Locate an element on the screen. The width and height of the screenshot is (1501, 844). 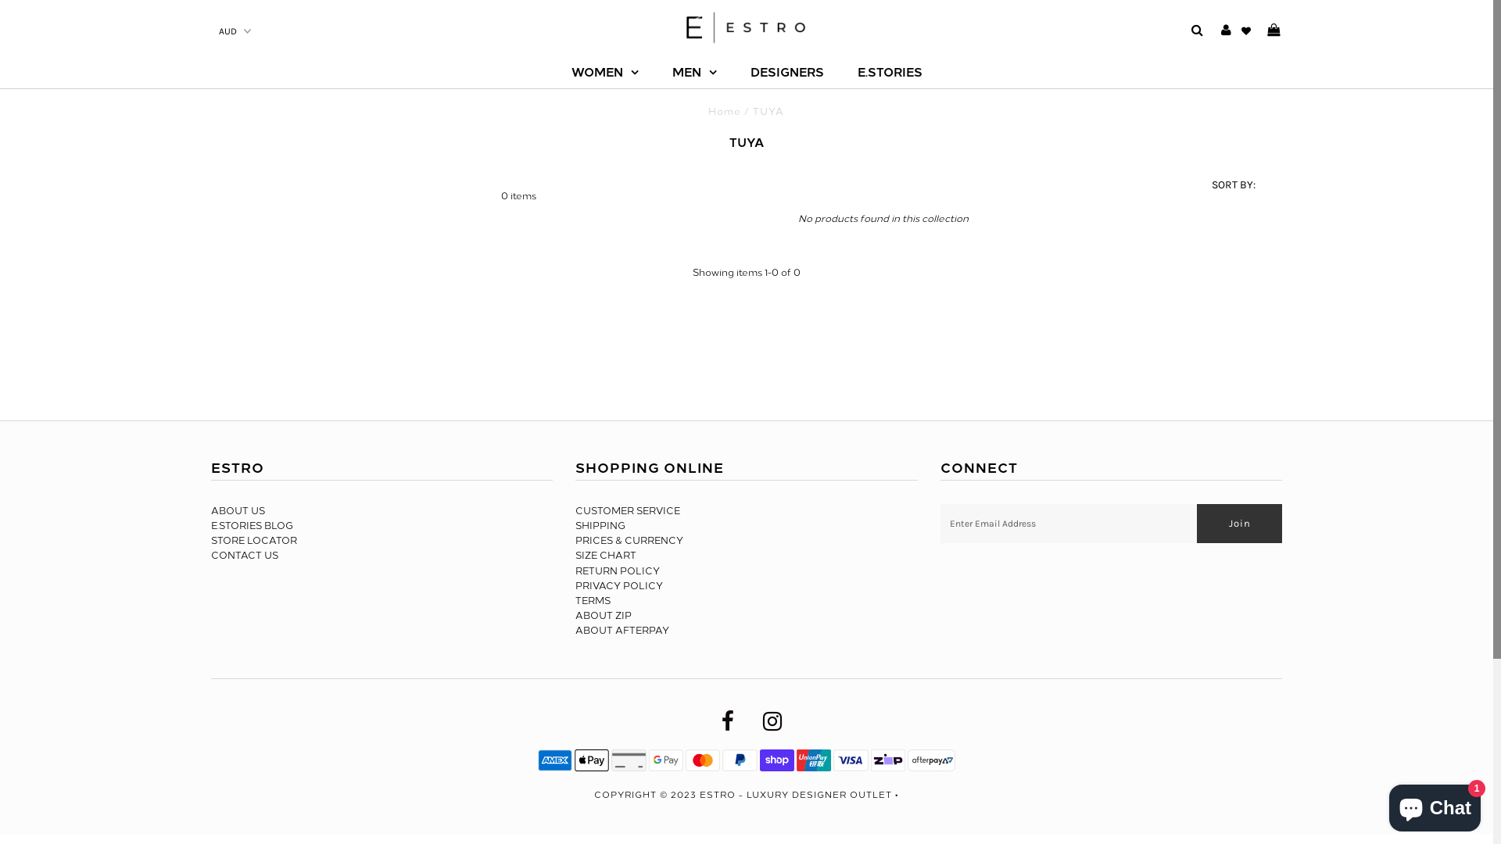
' ' is located at coordinates (1267, 30).